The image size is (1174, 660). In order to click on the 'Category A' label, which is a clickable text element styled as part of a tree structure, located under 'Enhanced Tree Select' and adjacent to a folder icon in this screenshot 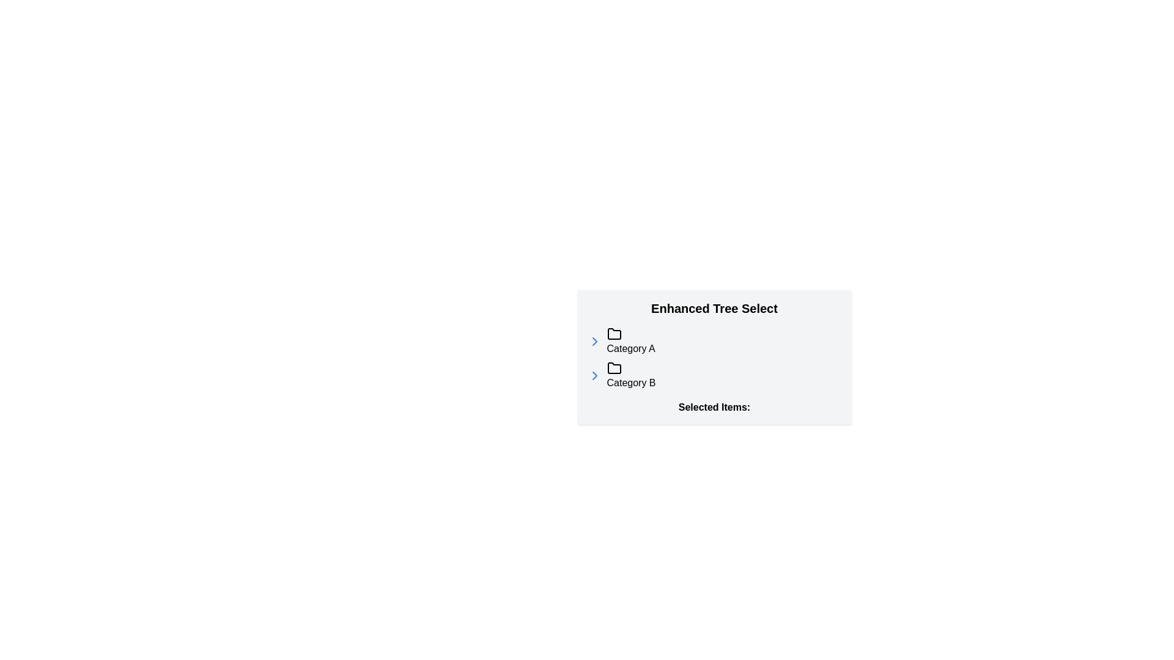, I will do `click(631, 342)`.